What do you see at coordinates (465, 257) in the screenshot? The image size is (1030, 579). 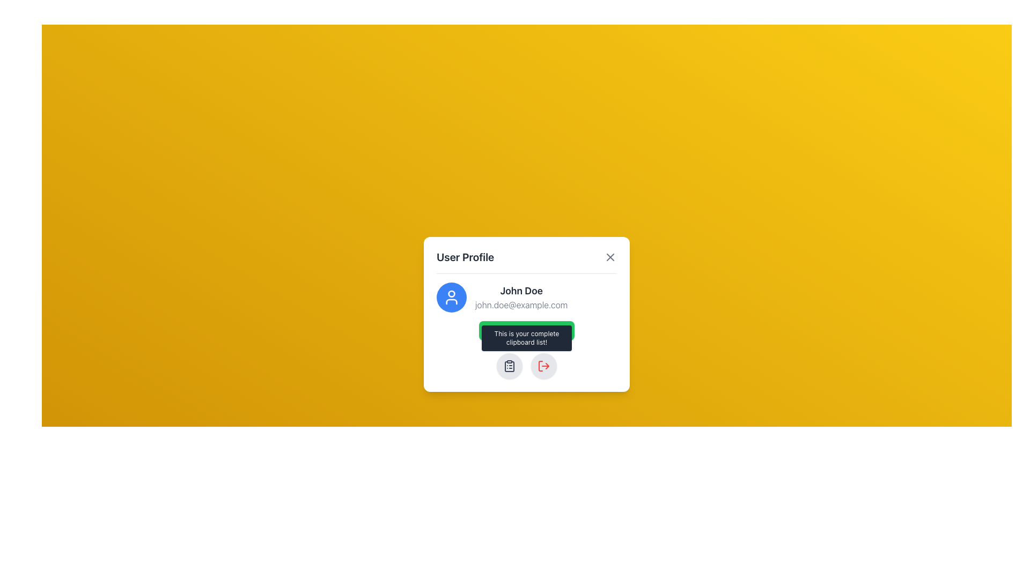 I see `the 'User Profile' text, which is styled in bold and dark gray, located at the top left of the modal card against a yellow background` at bounding box center [465, 257].